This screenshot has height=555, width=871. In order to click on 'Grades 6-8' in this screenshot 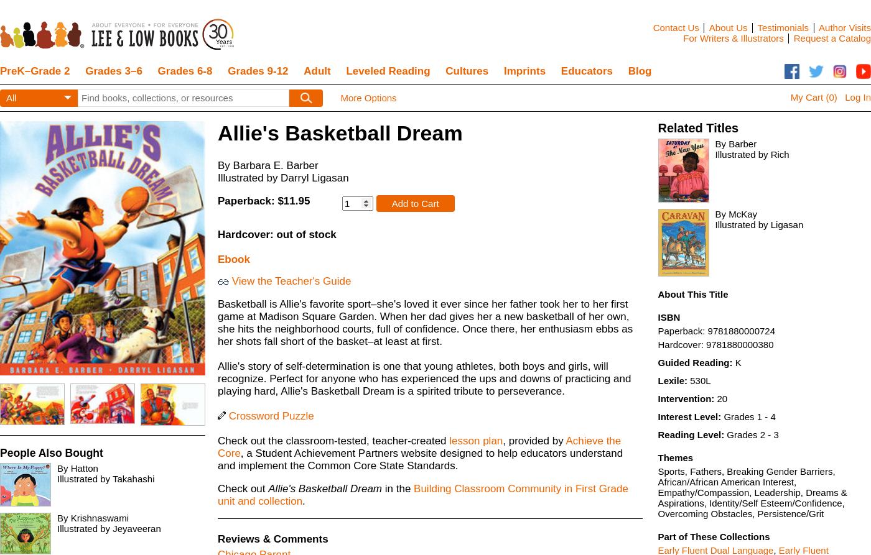, I will do `click(157, 71)`.